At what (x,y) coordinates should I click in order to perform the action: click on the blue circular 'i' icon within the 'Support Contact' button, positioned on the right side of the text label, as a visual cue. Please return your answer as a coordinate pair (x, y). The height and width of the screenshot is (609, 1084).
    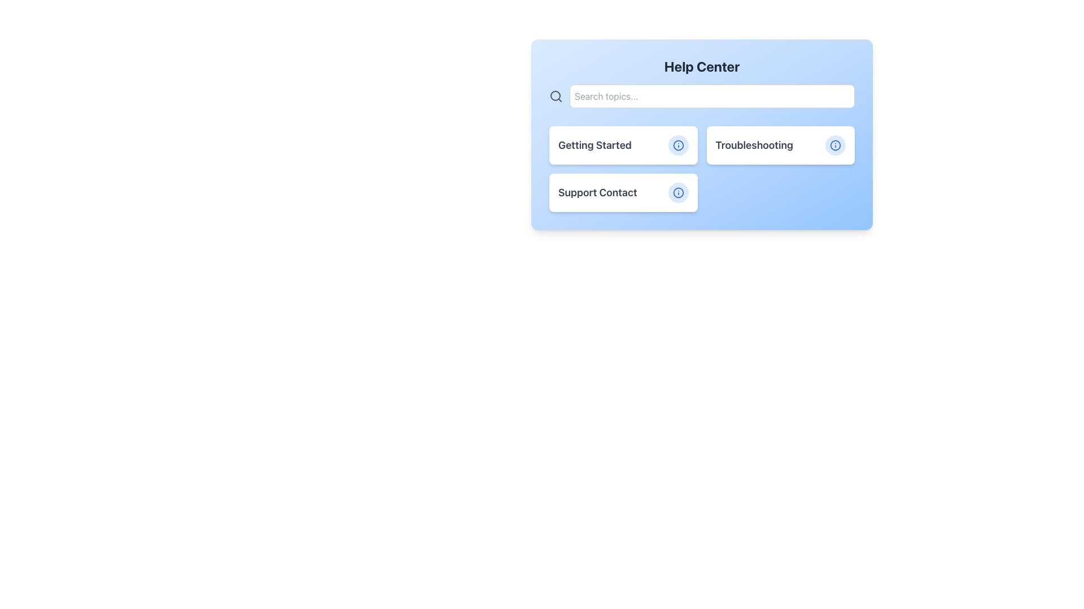
    Looking at the image, I should click on (677, 192).